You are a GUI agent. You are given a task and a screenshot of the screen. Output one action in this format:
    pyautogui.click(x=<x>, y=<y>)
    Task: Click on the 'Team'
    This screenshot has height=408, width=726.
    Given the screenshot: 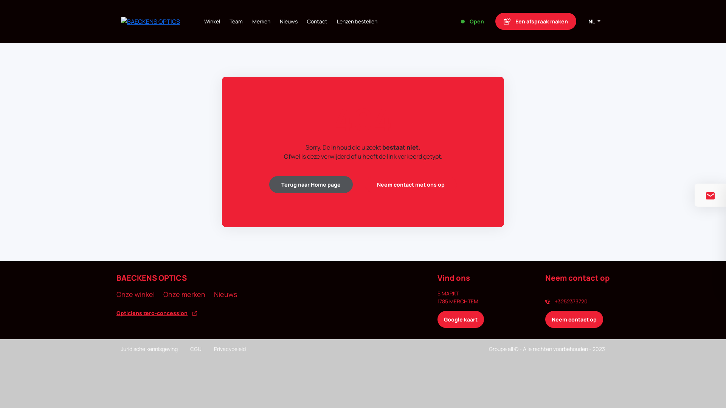 What is the action you would take?
    pyautogui.click(x=236, y=21)
    